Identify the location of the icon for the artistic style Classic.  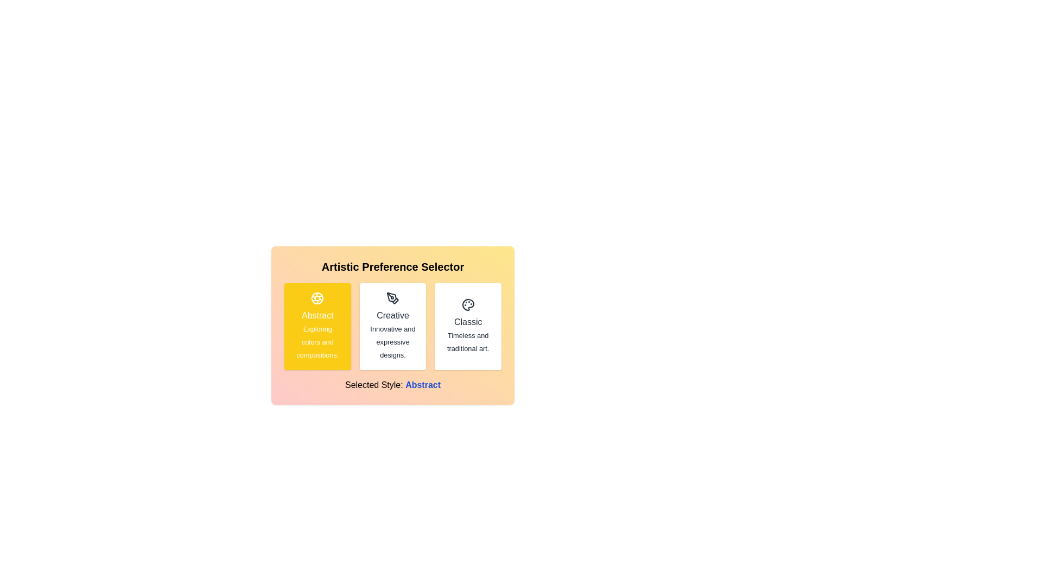
(468, 305).